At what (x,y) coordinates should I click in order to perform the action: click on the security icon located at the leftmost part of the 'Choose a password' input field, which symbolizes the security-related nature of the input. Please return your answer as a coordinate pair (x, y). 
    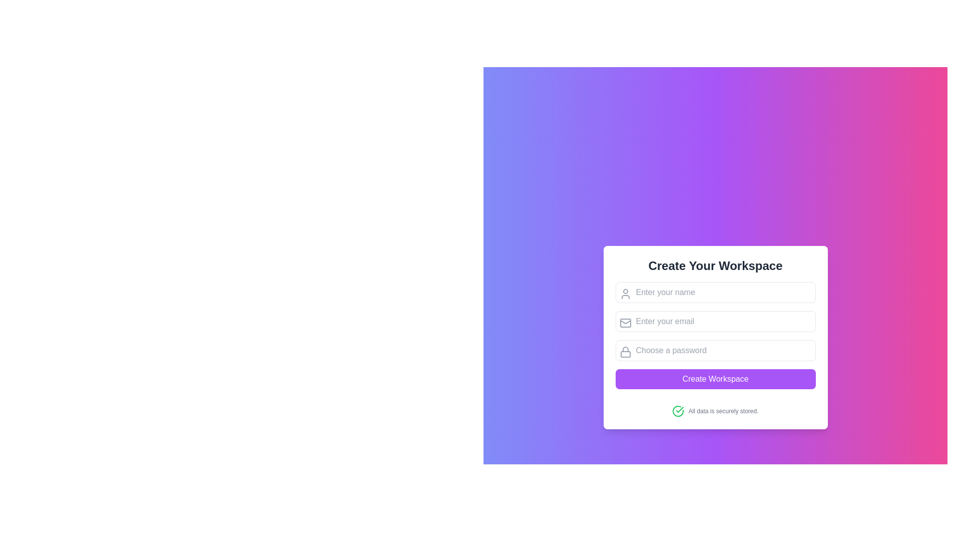
    Looking at the image, I should click on (625, 351).